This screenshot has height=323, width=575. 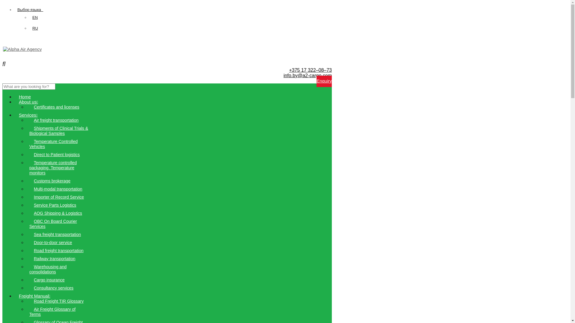 What do you see at coordinates (324, 81) in the screenshot?
I see `'Enquiry'` at bounding box center [324, 81].